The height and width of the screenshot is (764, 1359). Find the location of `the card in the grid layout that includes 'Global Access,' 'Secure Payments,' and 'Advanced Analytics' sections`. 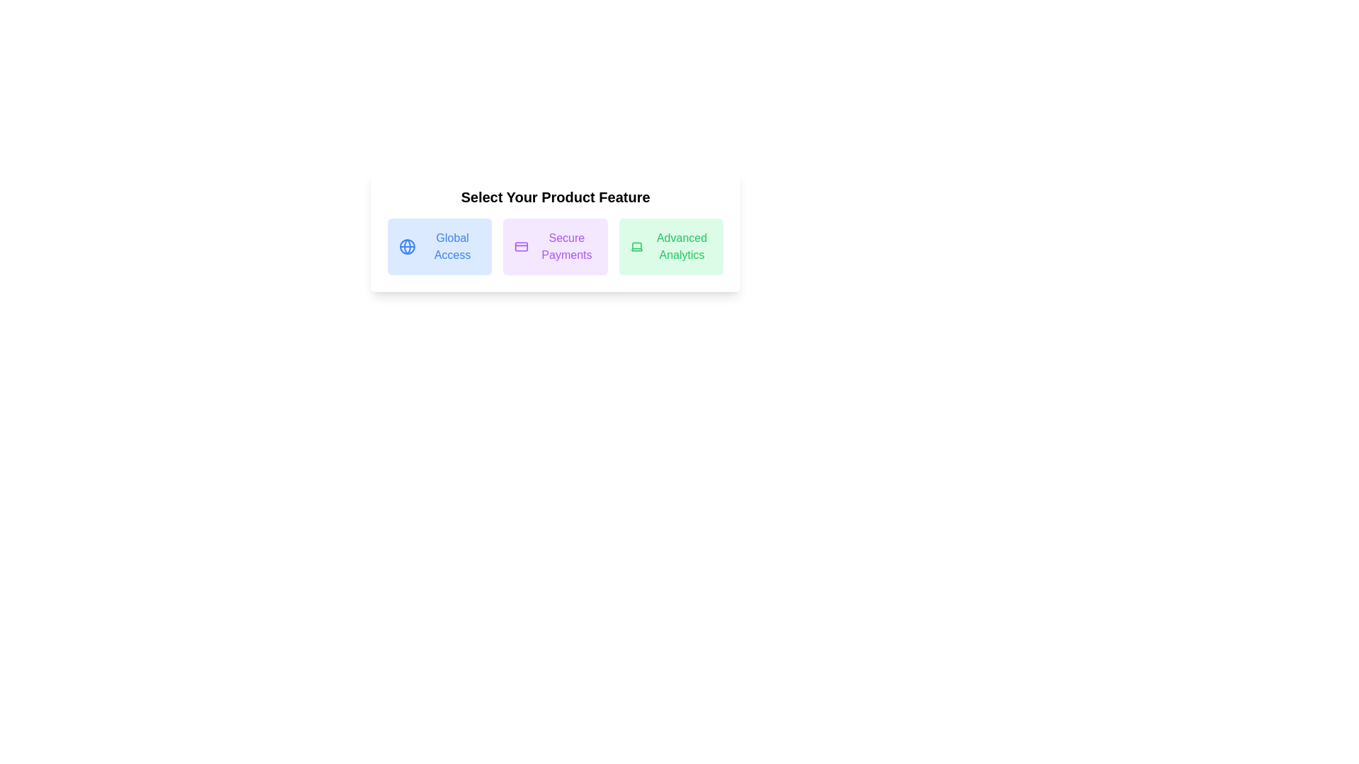

the card in the grid layout that includes 'Global Access,' 'Secure Payments,' and 'Advanced Analytics' sections is located at coordinates (555, 245).